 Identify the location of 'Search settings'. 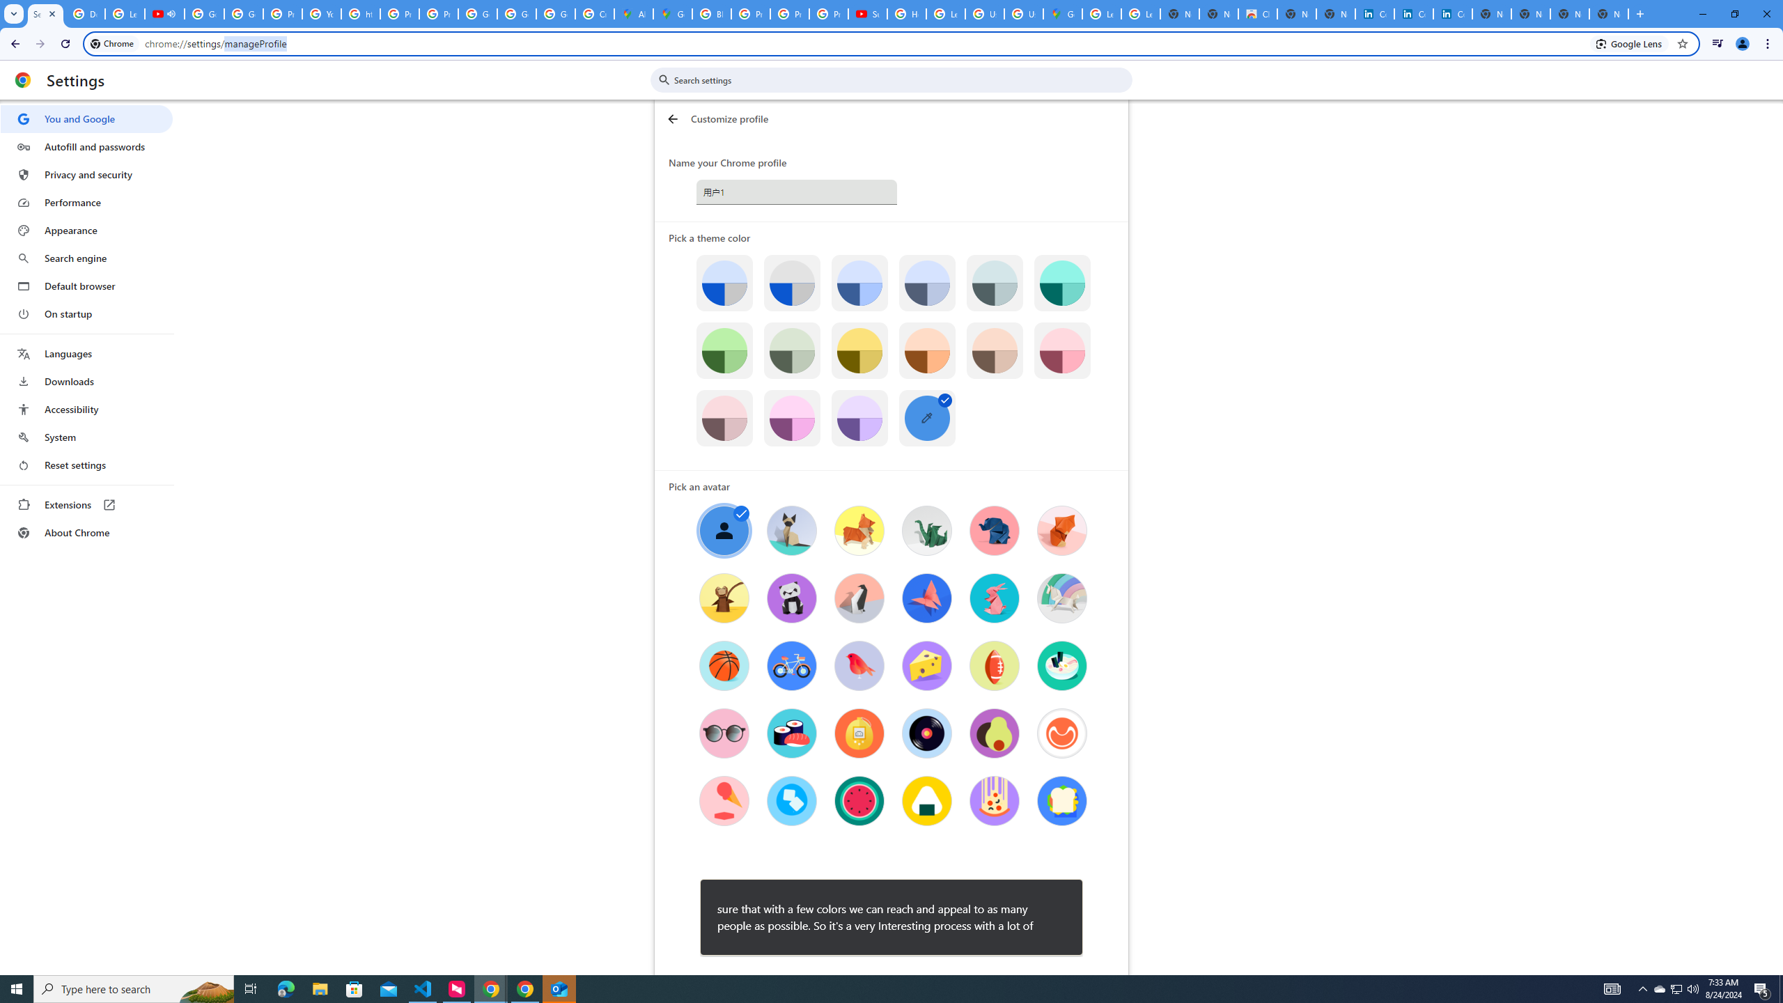
(901, 79).